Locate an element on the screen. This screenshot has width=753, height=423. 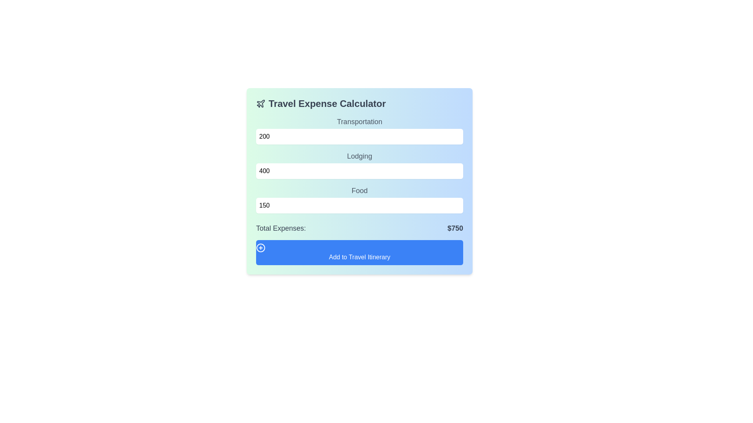
the static text label indicating the purpose of the numeric input field related to 'Food', which is positioned under the 'Lodging' section and above the input field displaying '150' is located at coordinates (359, 190).